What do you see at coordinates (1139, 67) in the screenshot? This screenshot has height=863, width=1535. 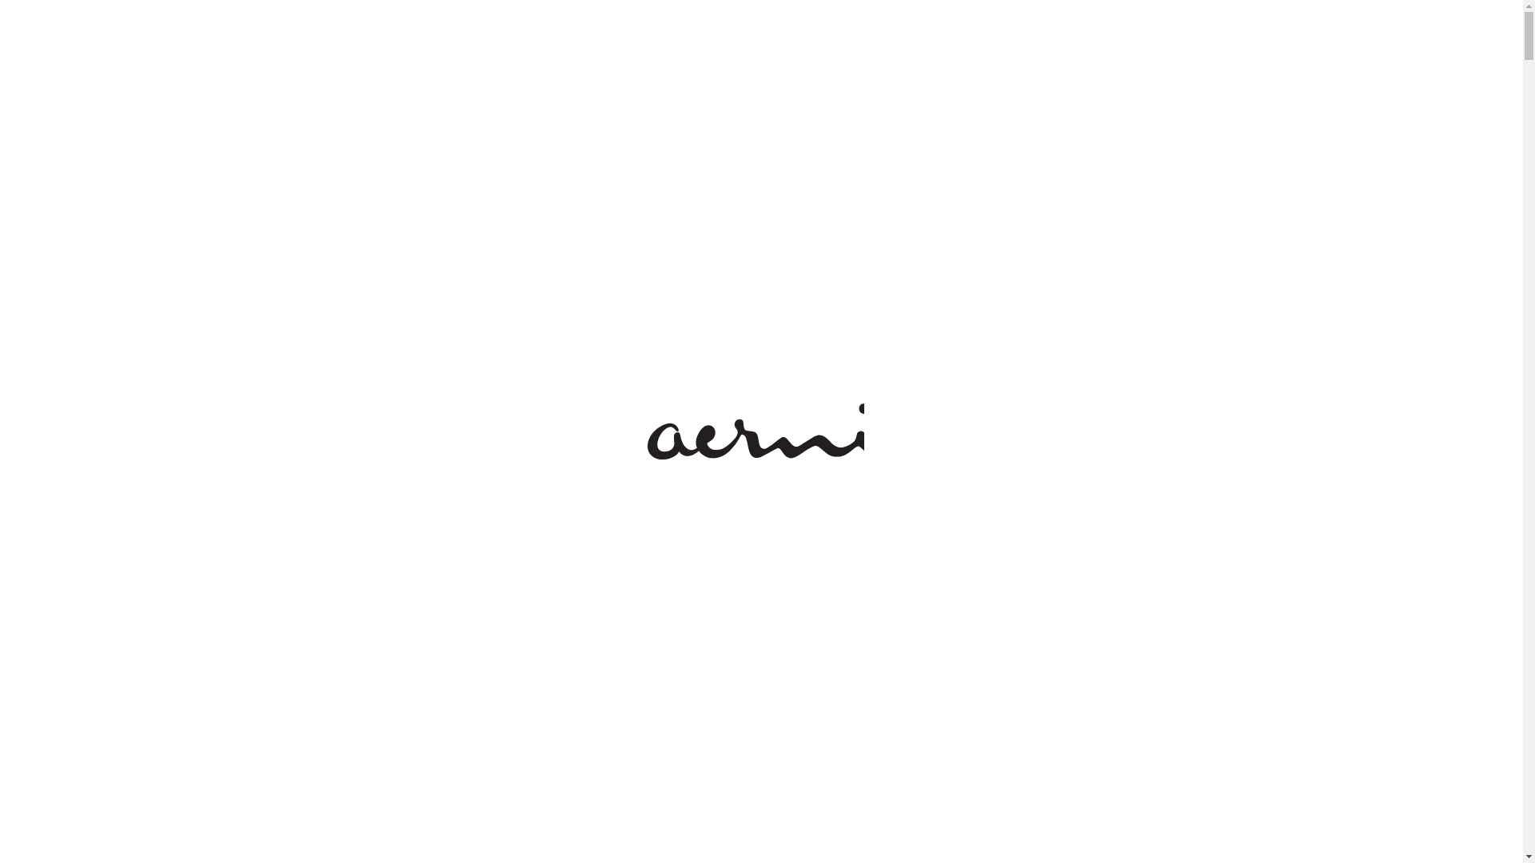 I see `'KLEID'` at bounding box center [1139, 67].